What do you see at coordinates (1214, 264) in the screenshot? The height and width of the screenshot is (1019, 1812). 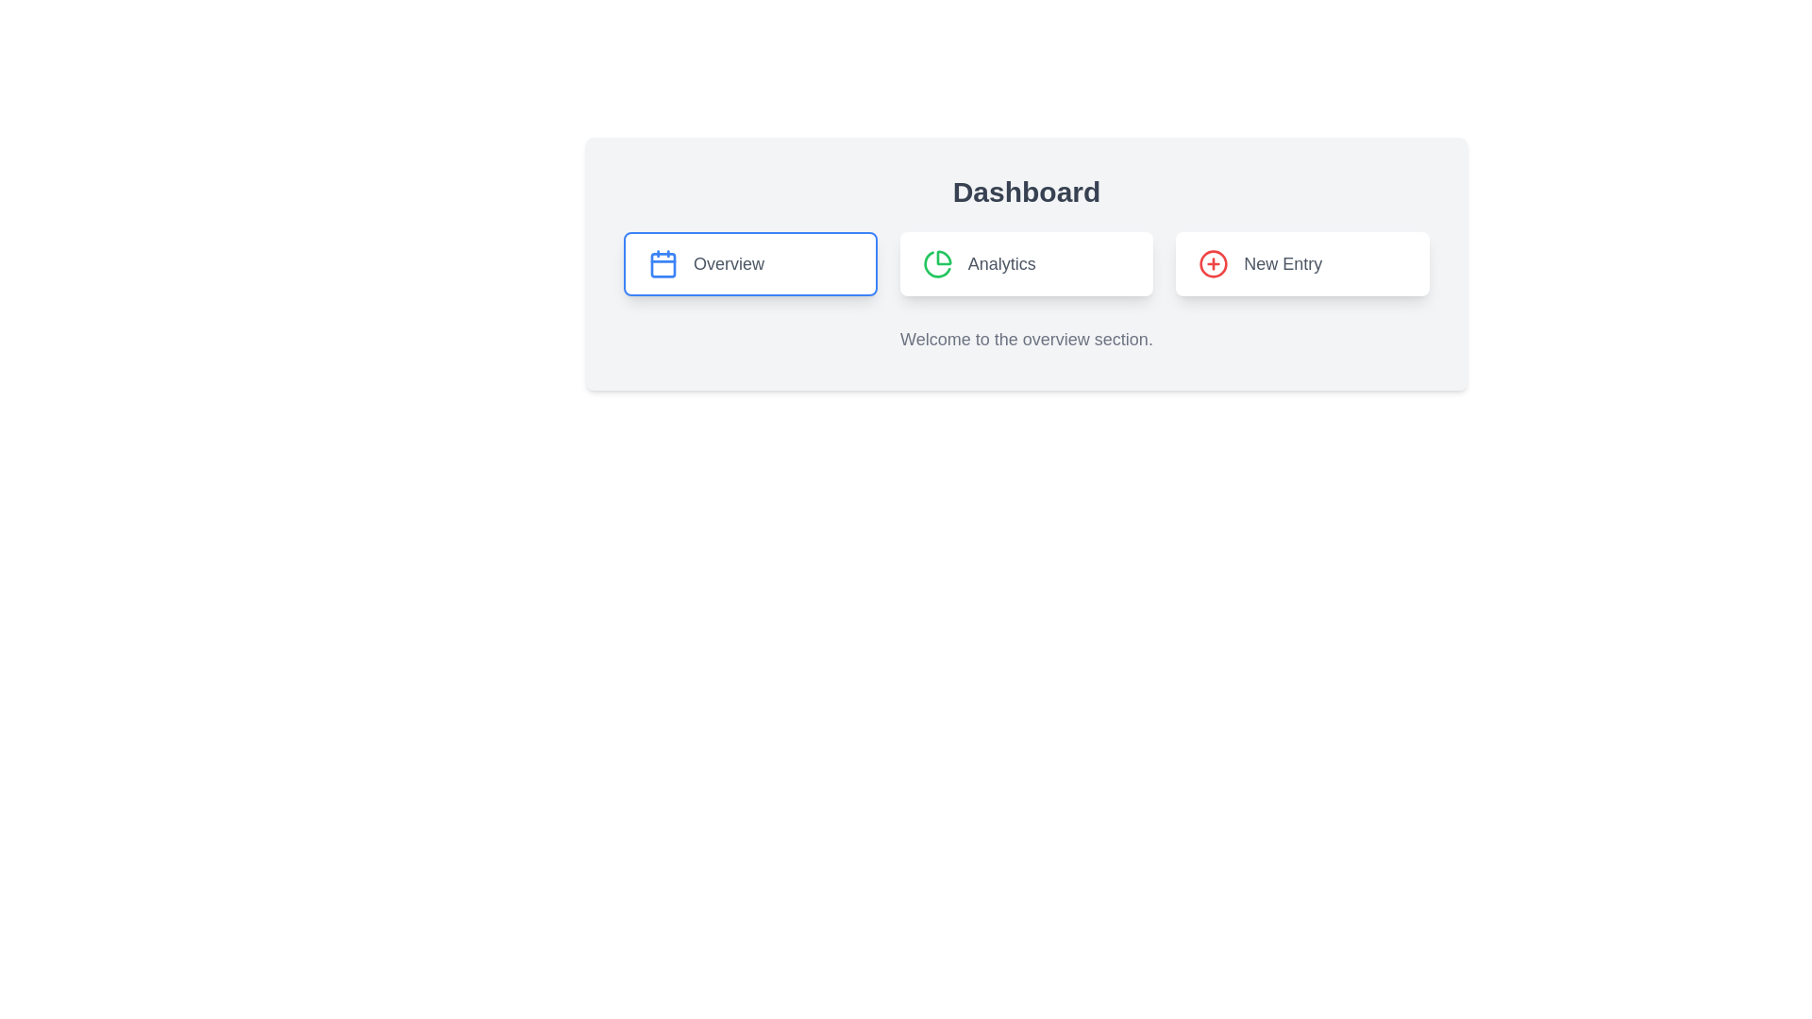 I see `the decorative icon within the 'New Entry' button located on the right side of the rectangular card under the Dashboard heading` at bounding box center [1214, 264].